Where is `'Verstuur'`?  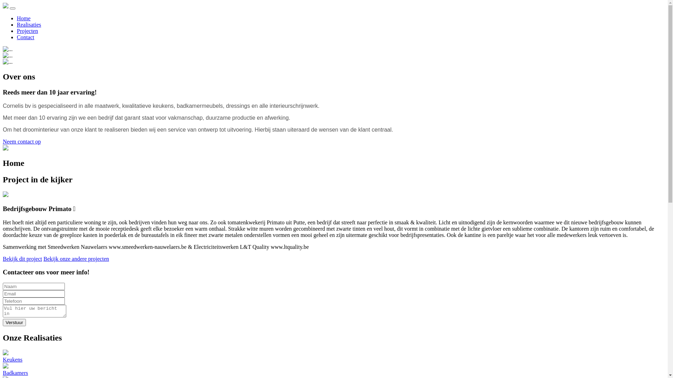 'Verstuur' is located at coordinates (3, 322).